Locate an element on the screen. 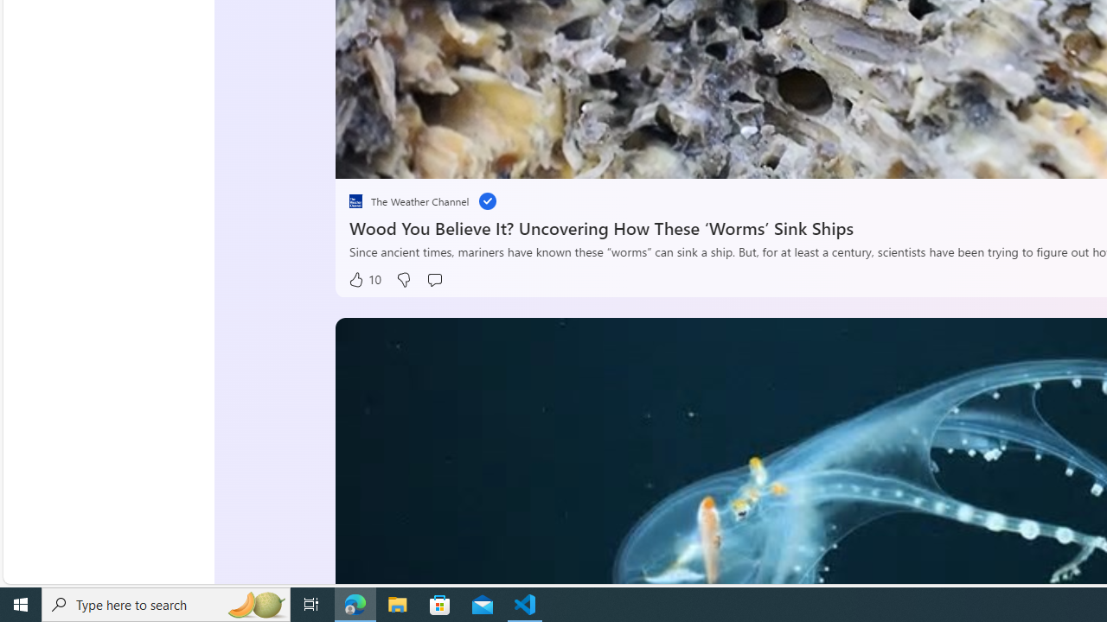 This screenshot has width=1107, height=622. 'Visual Studio Code - 1 running window' is located at coordinates (524, 603).